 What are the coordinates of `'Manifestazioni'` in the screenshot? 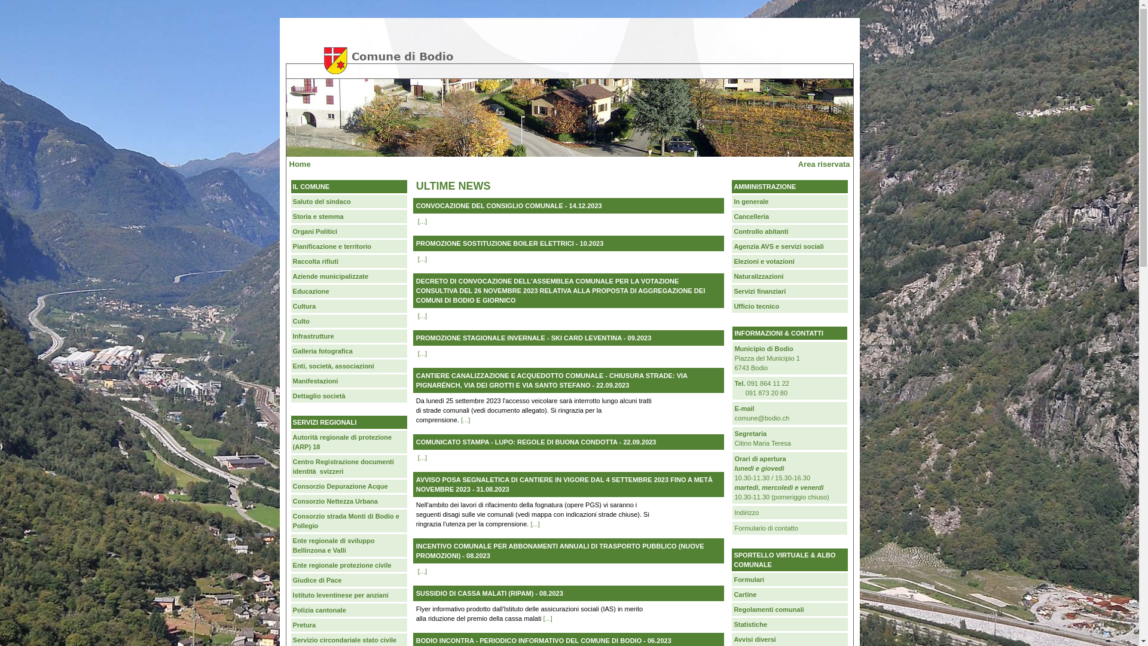 It's located at (349, 380).